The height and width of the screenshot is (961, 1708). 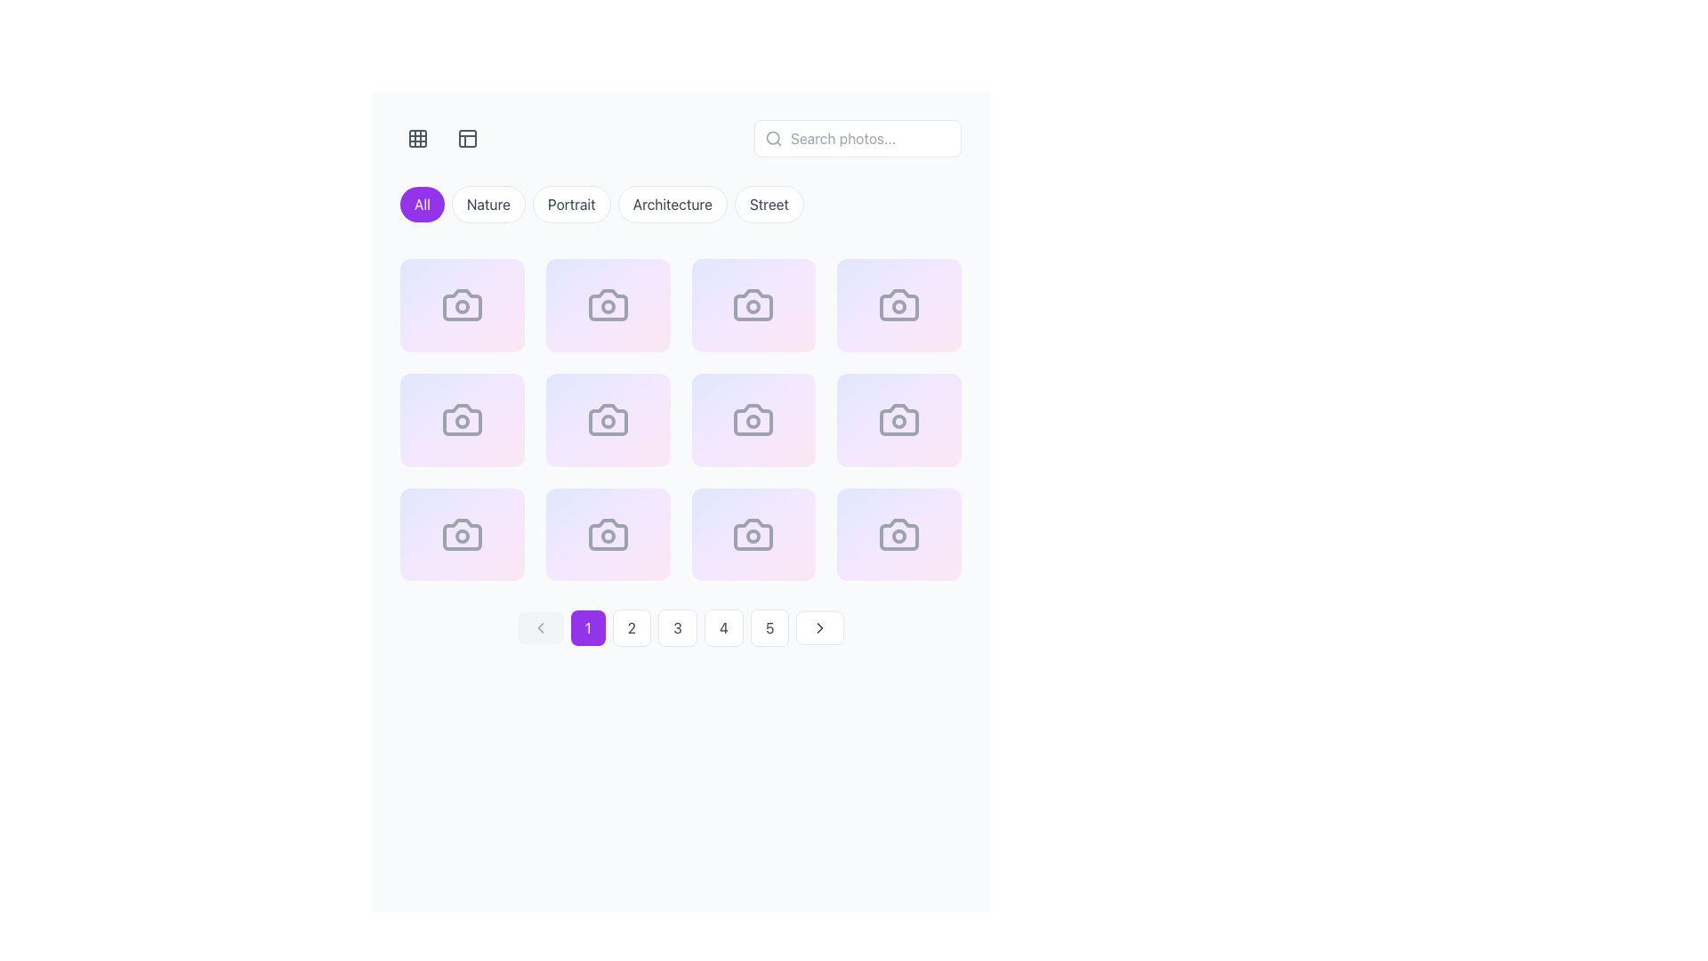 I want to click on the button labeled '4' in the pagination control area, so click(x=723, y=627).